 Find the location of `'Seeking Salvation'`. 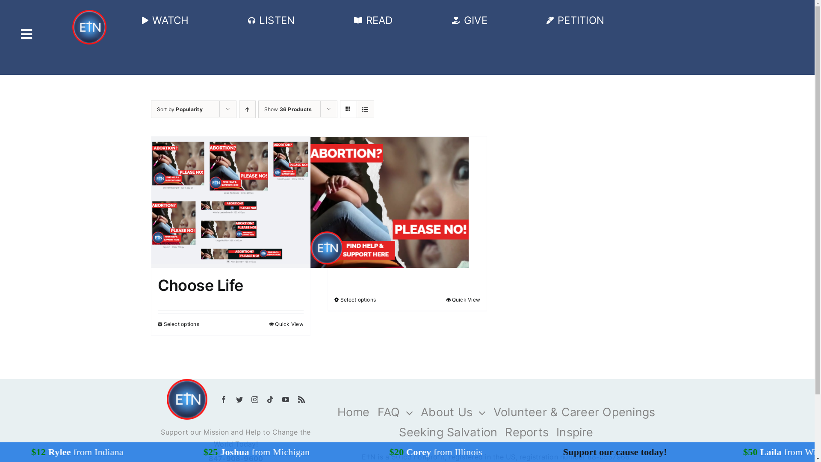

'Seeking Salvation' is located at coordinates (395, 432).